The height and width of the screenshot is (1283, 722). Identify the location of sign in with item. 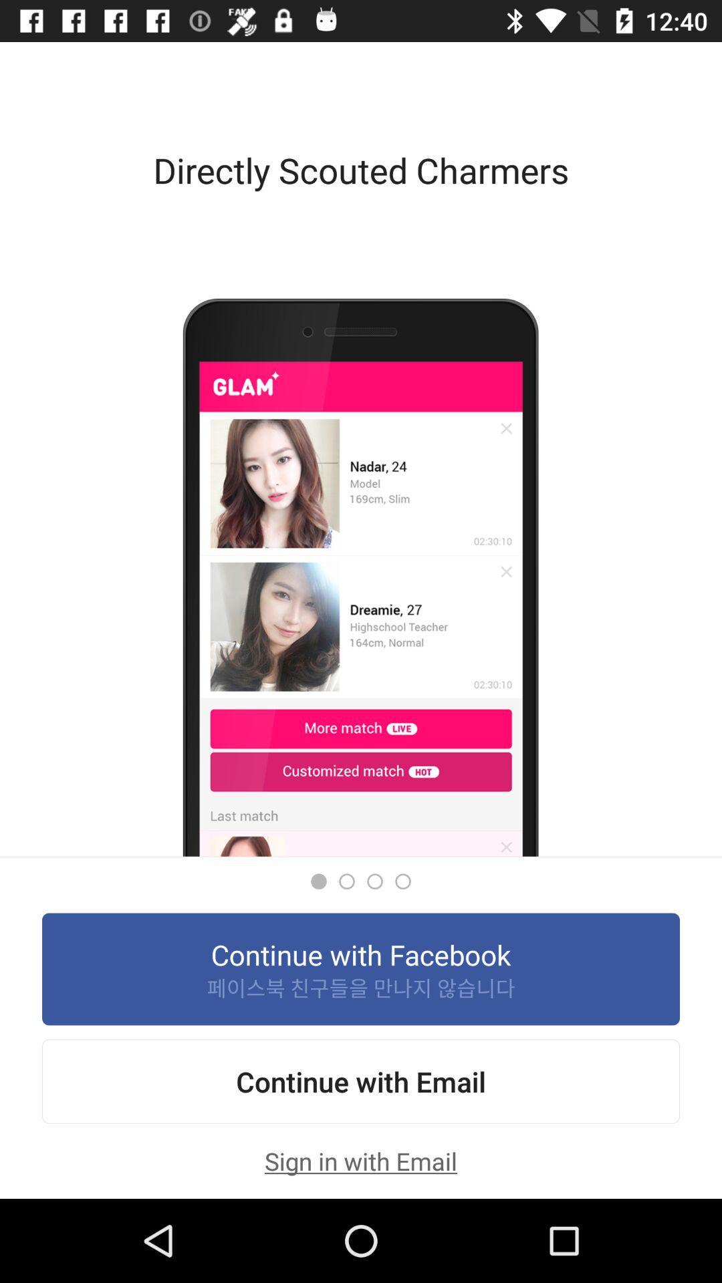
(361, 1160).